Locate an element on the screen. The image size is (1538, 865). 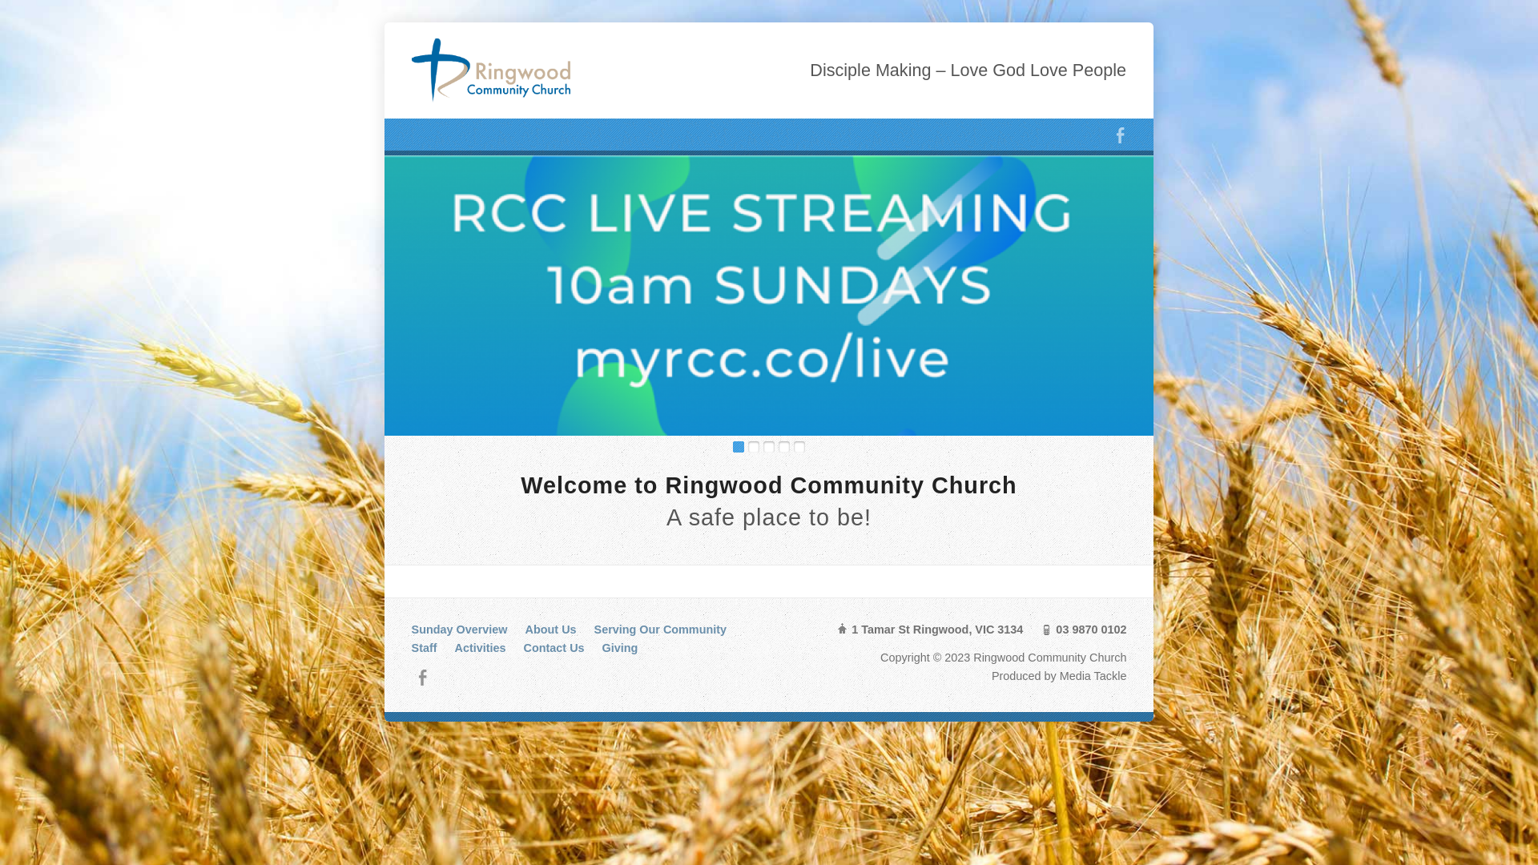
'1' is located at coordinates (737, 447).